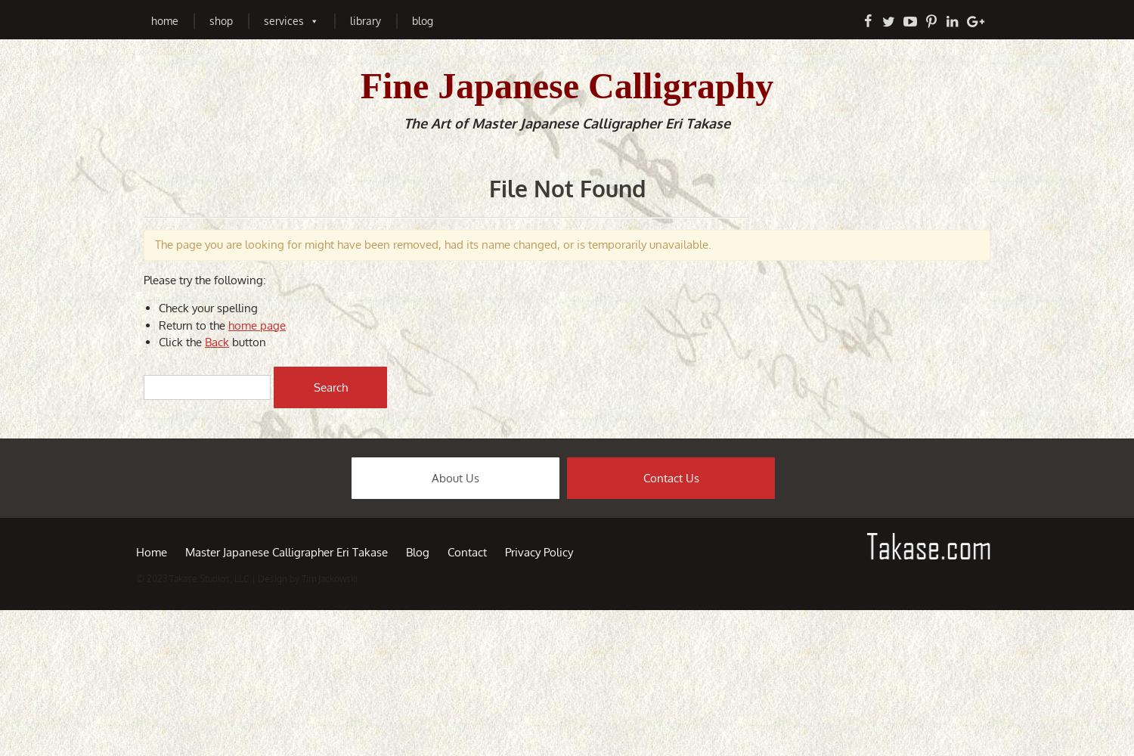  What do you see at coordinates (463, 67) in the screenshot?
I see `'Custom Japanese Scrolls'` at bounding box center [463, 67].